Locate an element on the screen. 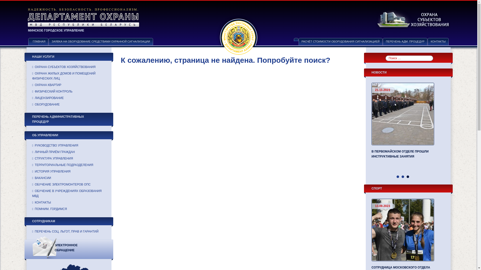 The image size is (481, 270). '1' is located at coordinates (398, 176).